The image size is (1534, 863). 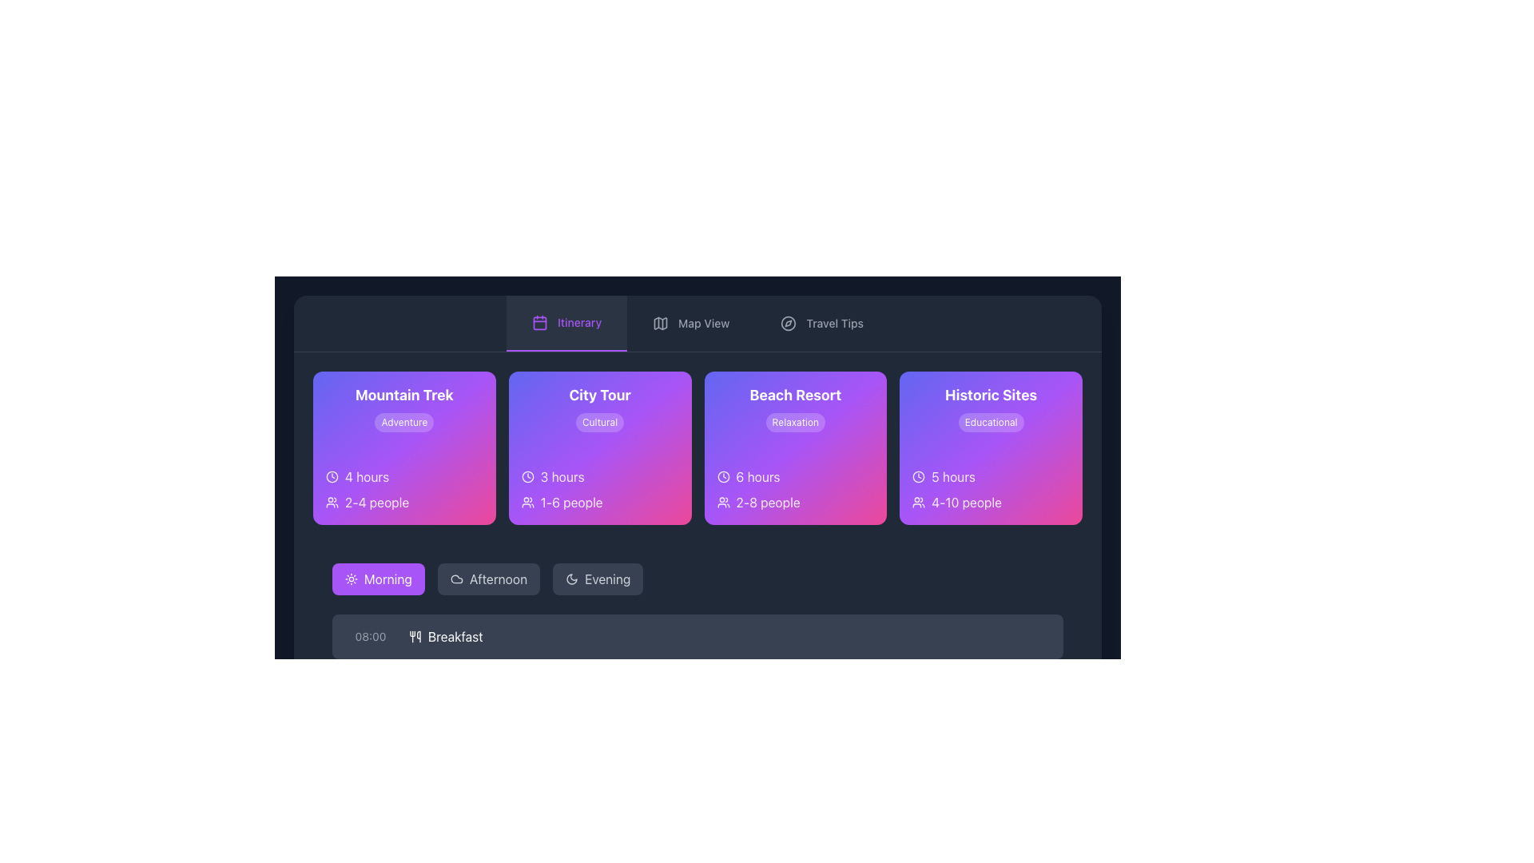 I want to click on the text label displaying the number of people suitable for the 'Beach Resort' option, located at the bottom right corner of the 'Beach Resort' option card, next to the user icon, so click(x=768, y=501).